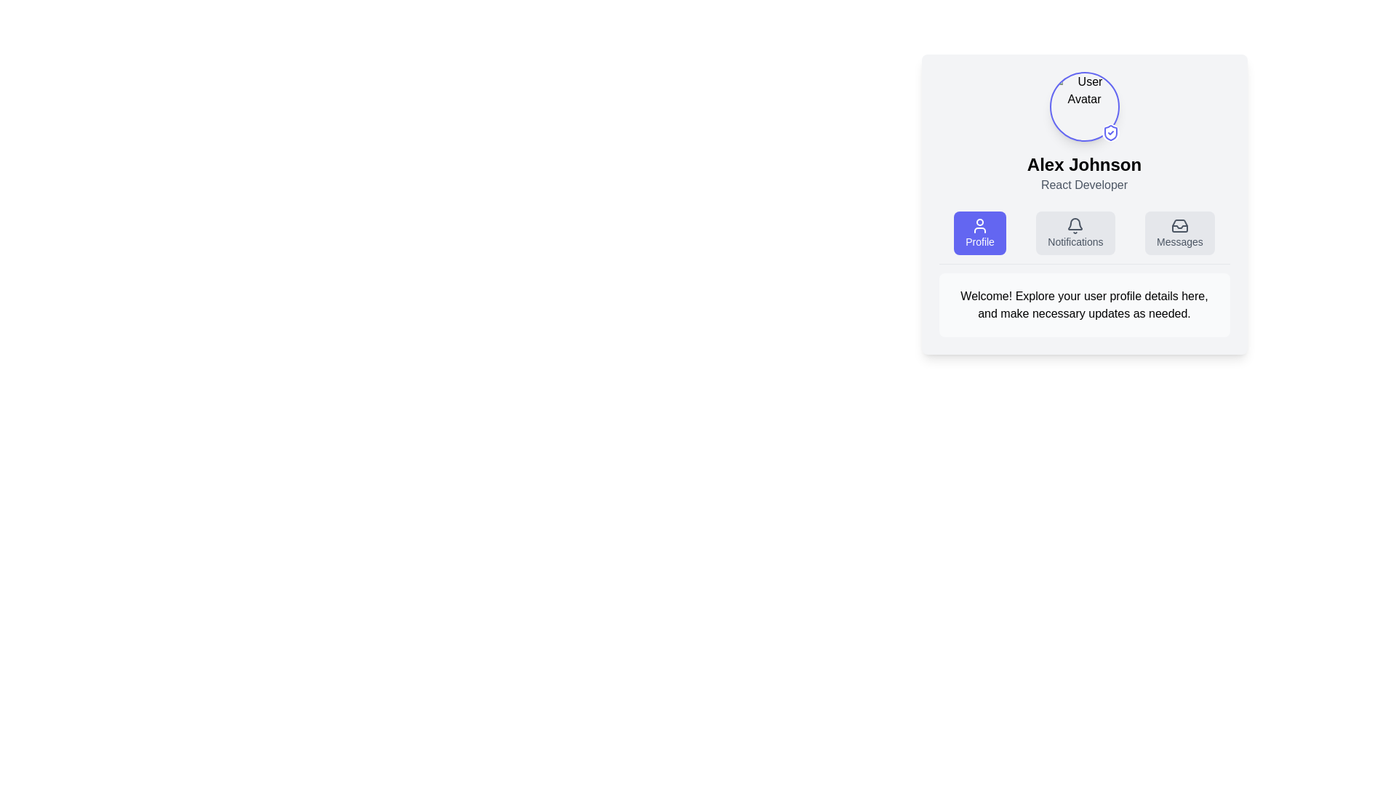 The width and height of the screenshot is (1396, 785). I want to click on the 'Notifications' button, which is the second button in a horizontal group of three buttons (Profile, Notifications, Messages), so click(1075, 232).